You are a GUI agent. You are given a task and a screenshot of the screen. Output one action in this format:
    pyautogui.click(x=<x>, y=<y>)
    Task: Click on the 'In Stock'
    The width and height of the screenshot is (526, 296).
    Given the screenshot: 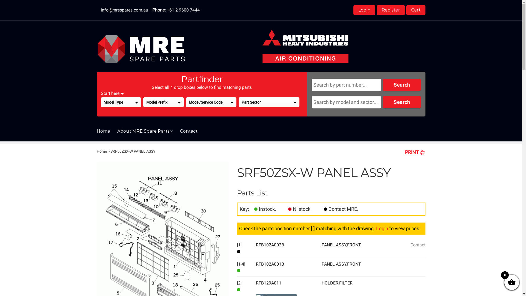 What is the action you would take?
    pyautogui.click(x=256, y=209)
    